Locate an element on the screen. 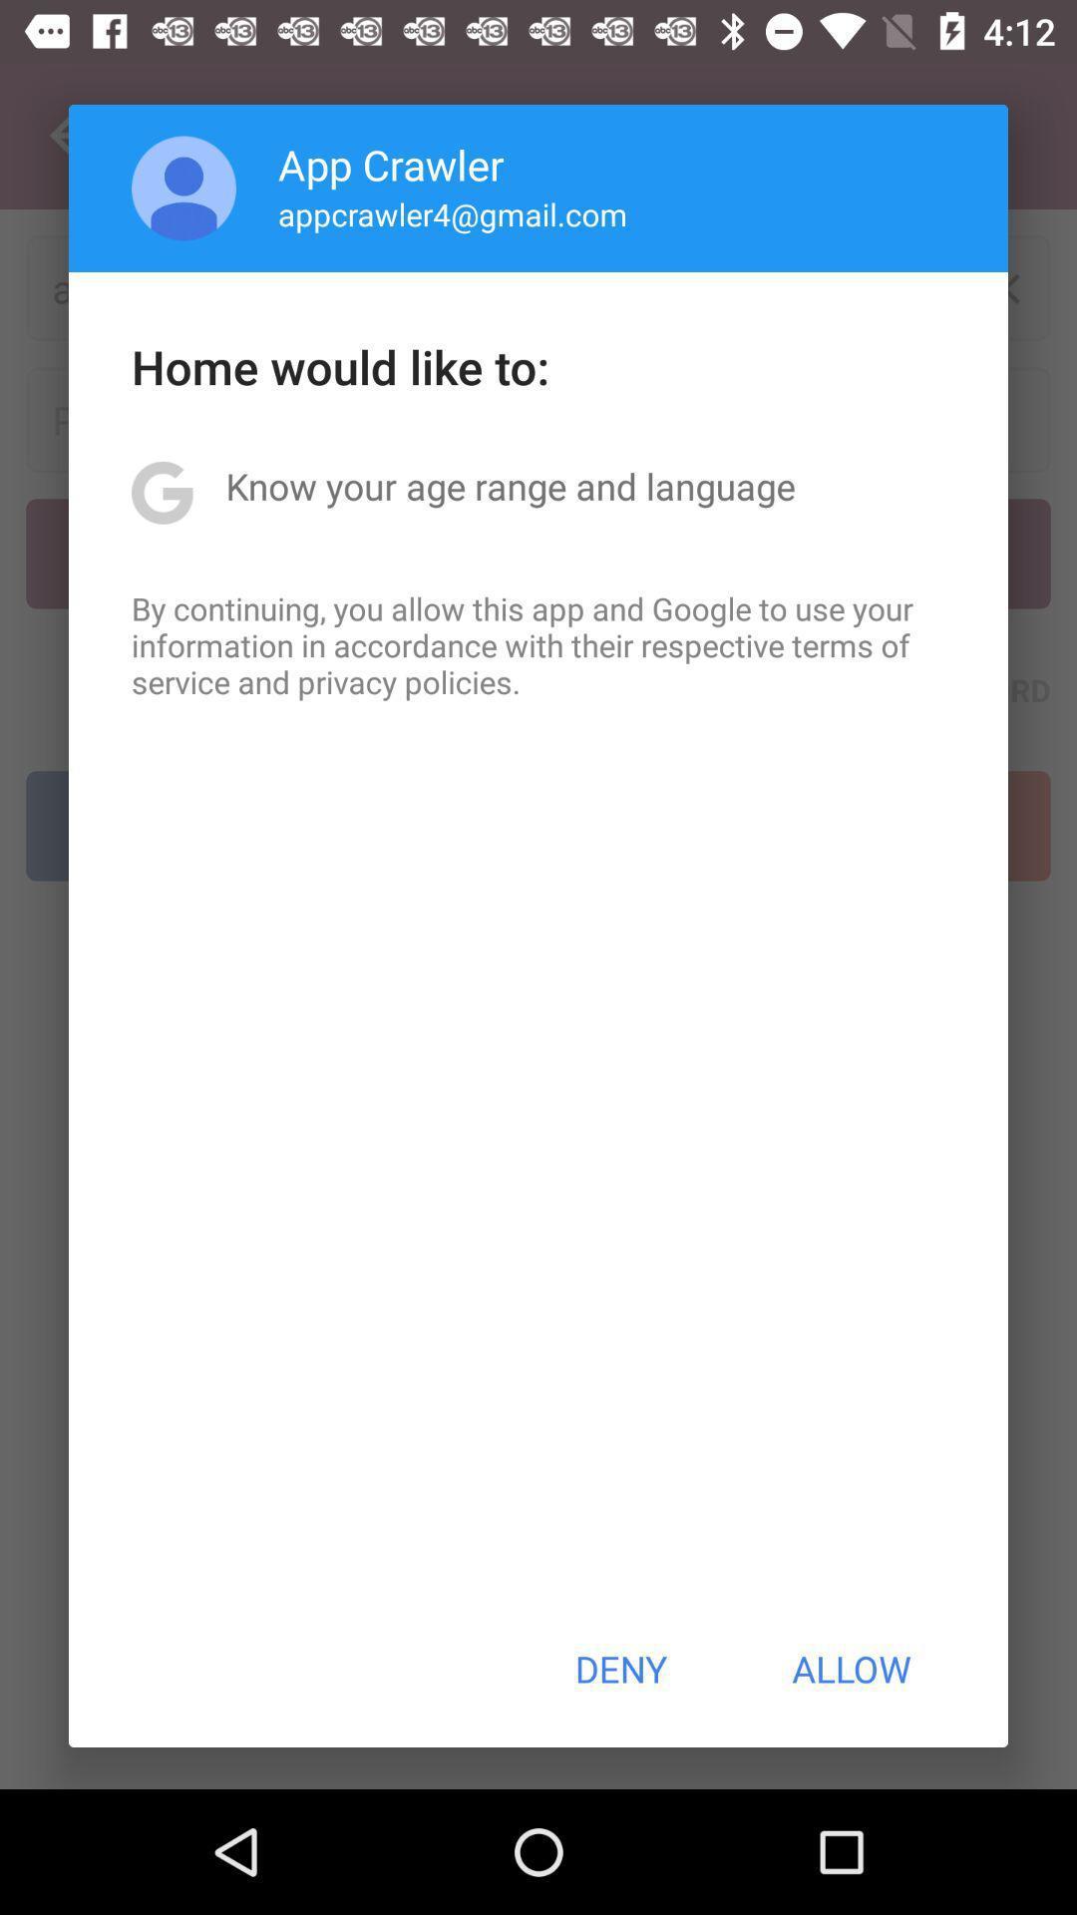 The image size is (1077, 1915). the app to the left of app crawler is located at coordinates (183, 188).